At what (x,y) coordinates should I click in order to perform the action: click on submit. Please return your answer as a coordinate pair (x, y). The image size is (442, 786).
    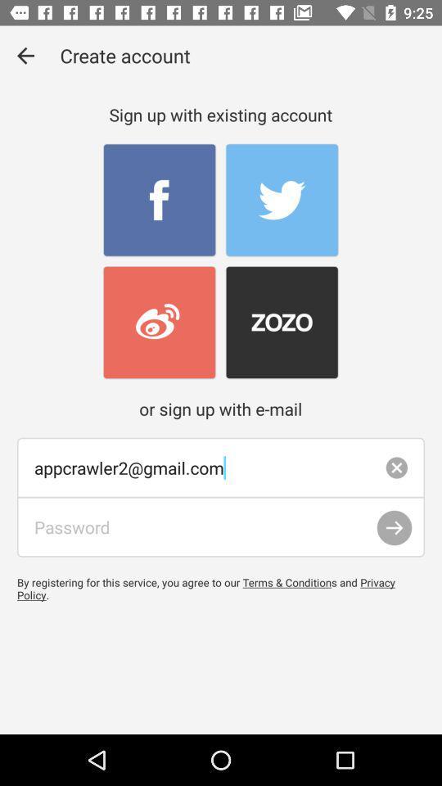
    Looking at the image, I should click on (394, 527).